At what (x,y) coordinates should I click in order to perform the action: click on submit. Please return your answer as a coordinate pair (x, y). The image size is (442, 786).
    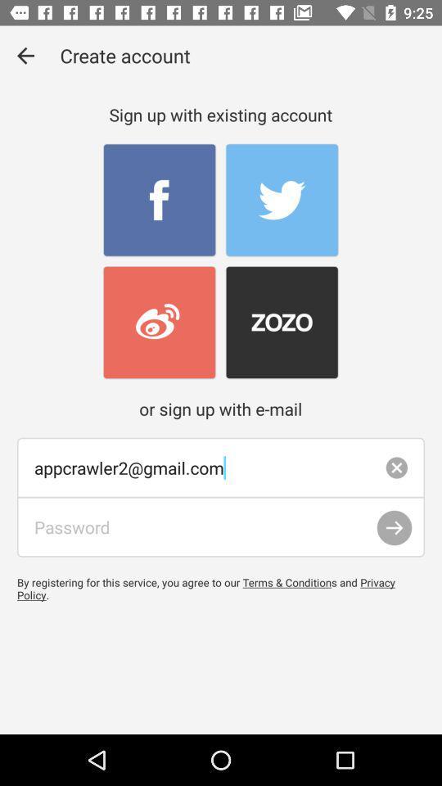
    Looking at the image, I should click on (394, 527).